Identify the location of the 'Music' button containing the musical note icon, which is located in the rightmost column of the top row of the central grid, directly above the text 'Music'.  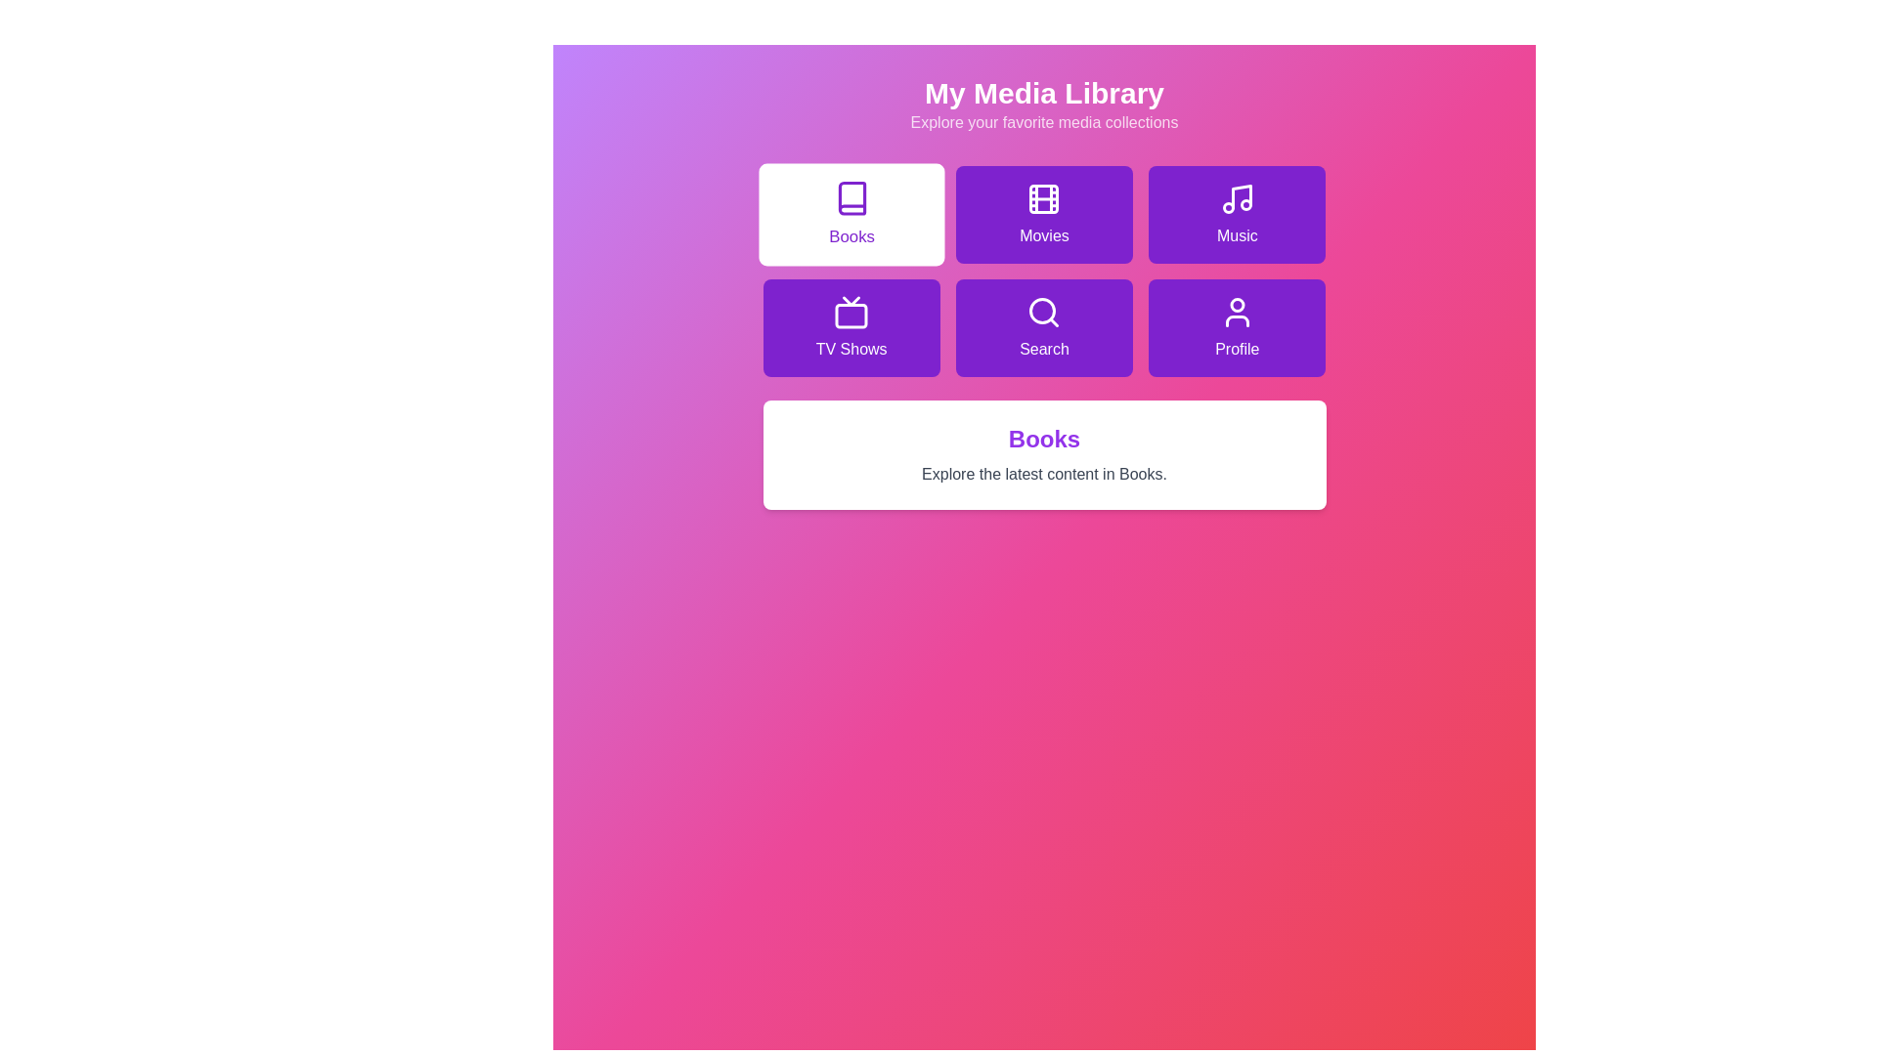
(1236, 199).